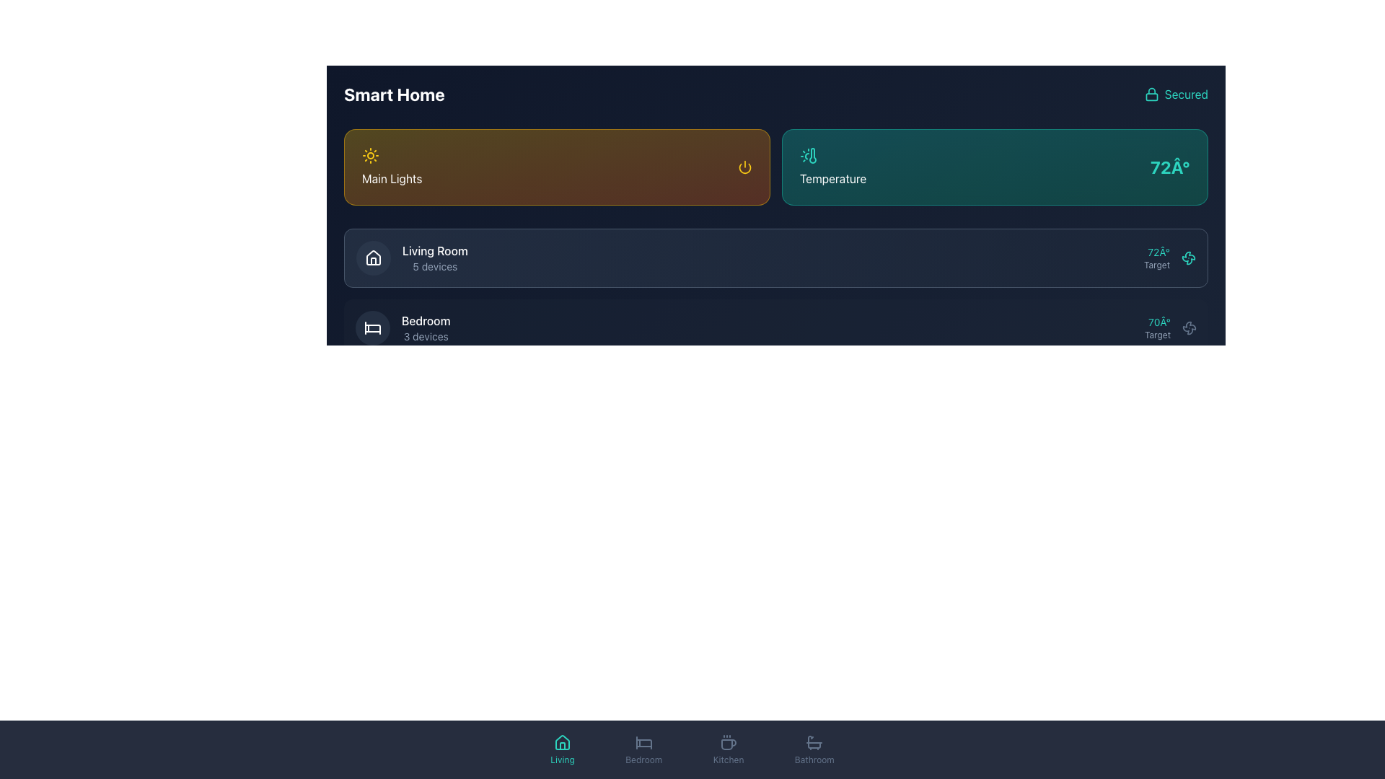 The image size is (1385, 779). What do you see at coordinates (561, 742) in the screenshot?
I see `the 'Living' icon button located at the bottom center of the application interface, which serves as a navigation button` at bounding box center [561, 742].